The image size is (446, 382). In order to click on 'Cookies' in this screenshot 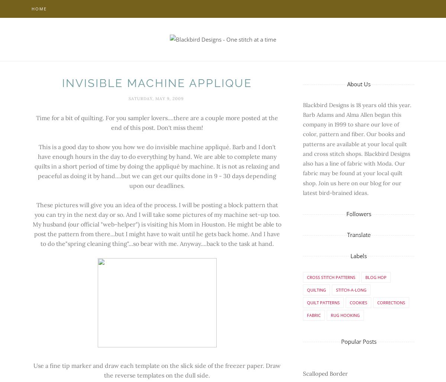, I will do `click(358, 302)`.